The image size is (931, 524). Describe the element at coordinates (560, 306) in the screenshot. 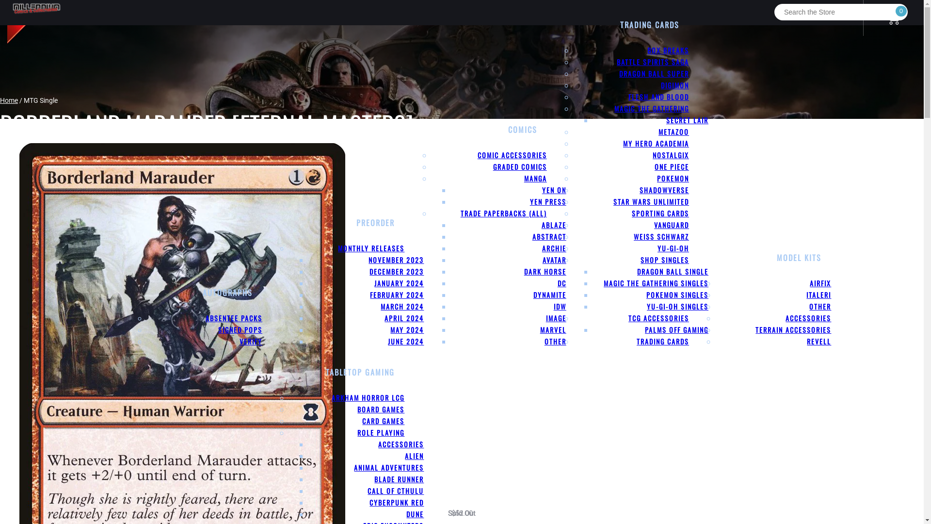

I see `'IDW'` at that location.